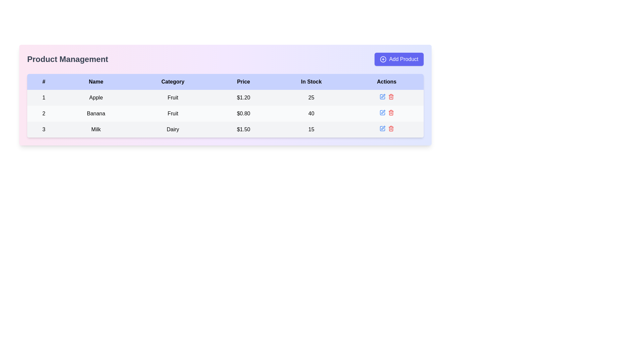 This screenshot has height=358, width=637. I want to click on the blue pen icon in the 'Actions' column of the second row to initiate an editing action, so click(383, 111).